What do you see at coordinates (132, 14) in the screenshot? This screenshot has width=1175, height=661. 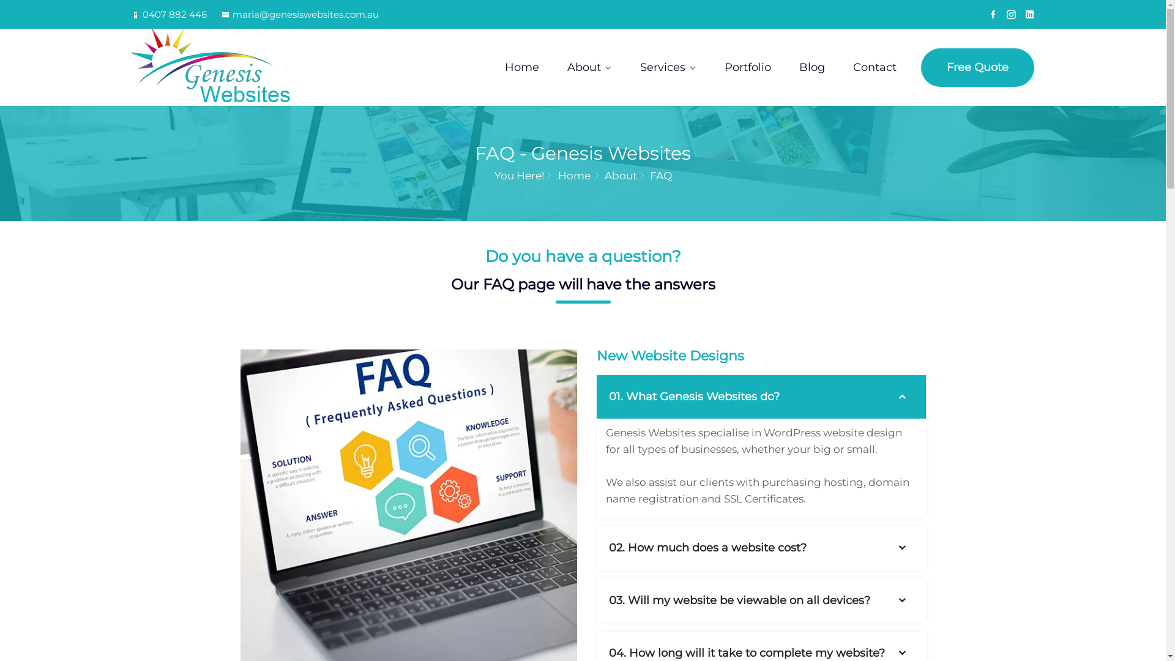 I see `'0407 882 446'` at bounding box center [132, 14].